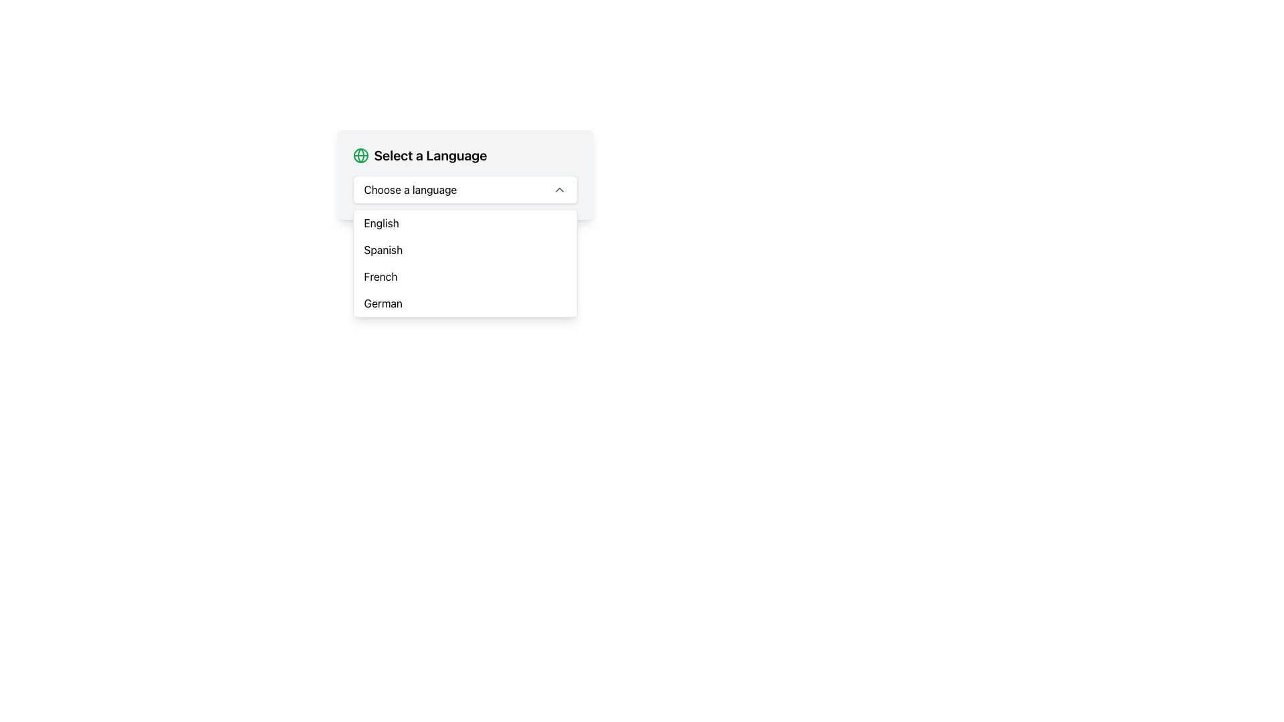  What do you see at coordinates (465, 275) in the screenshot?
I see `the list item displaying 'French' within the dropdown menu for visual feedback` at bounding box center [465, 275].